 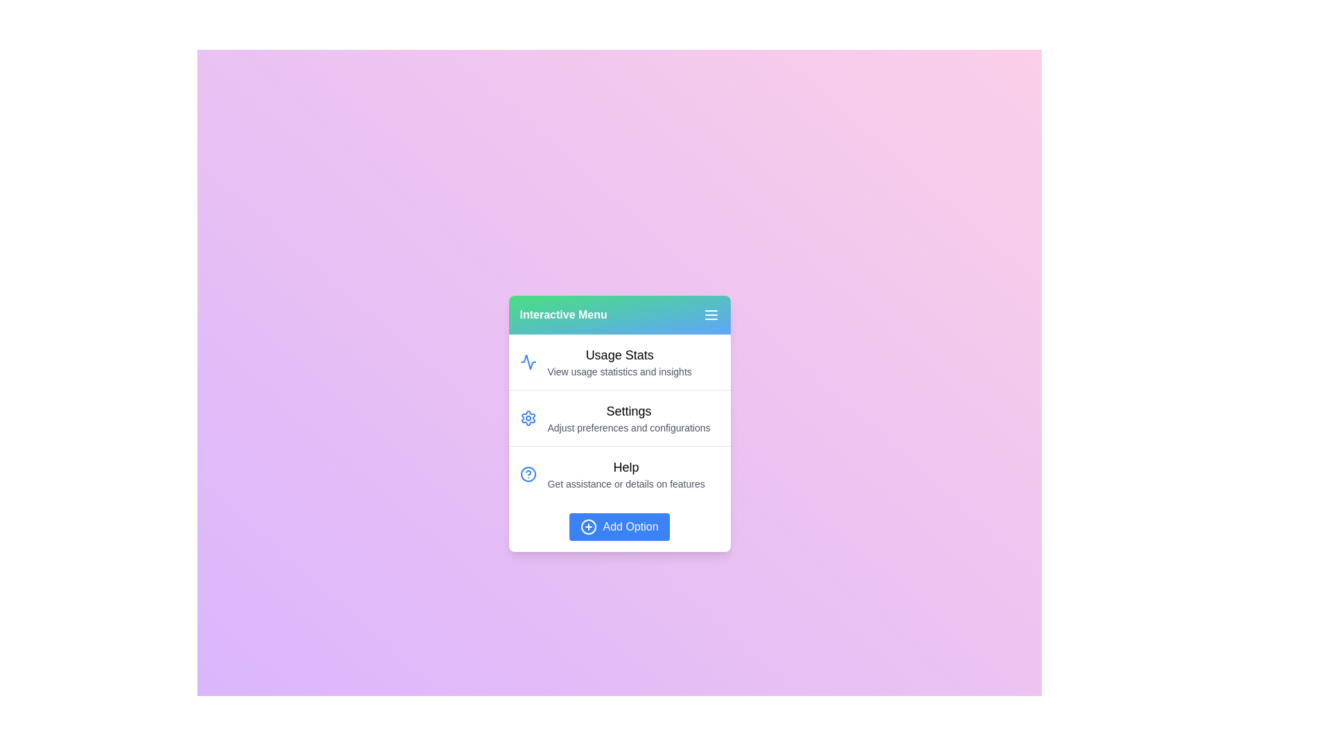 I want to click on the menu item Settings to select it, so click(x=619, y=418).